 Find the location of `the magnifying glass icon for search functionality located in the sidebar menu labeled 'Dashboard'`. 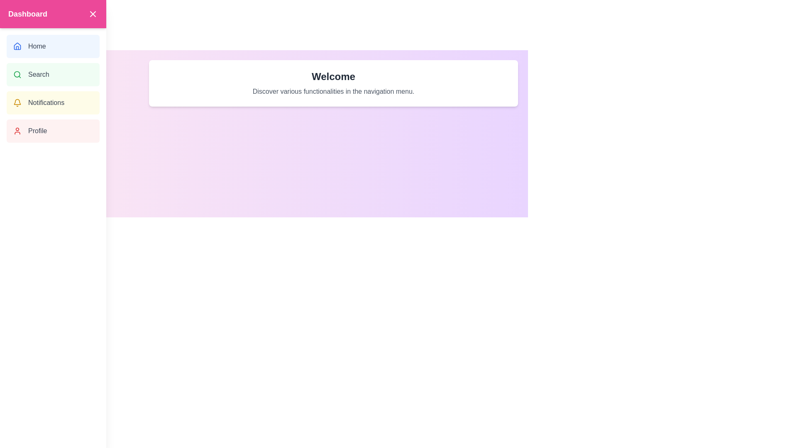

the magnifying glass icon for search functionality located in the sidebar menu labeled 'Dashboard' is located at coordinates (17, 75).